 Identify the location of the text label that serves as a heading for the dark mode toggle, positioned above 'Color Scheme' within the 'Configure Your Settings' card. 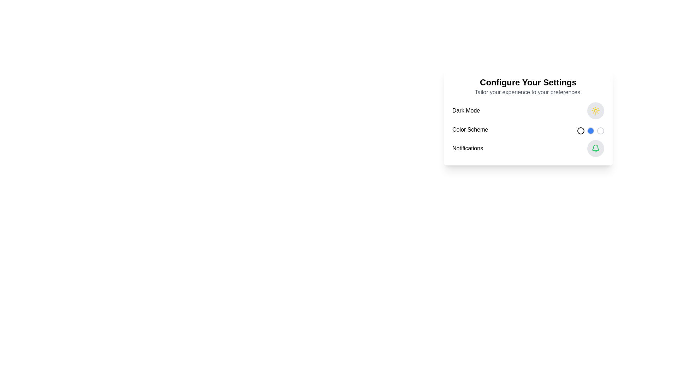
(466, 110).